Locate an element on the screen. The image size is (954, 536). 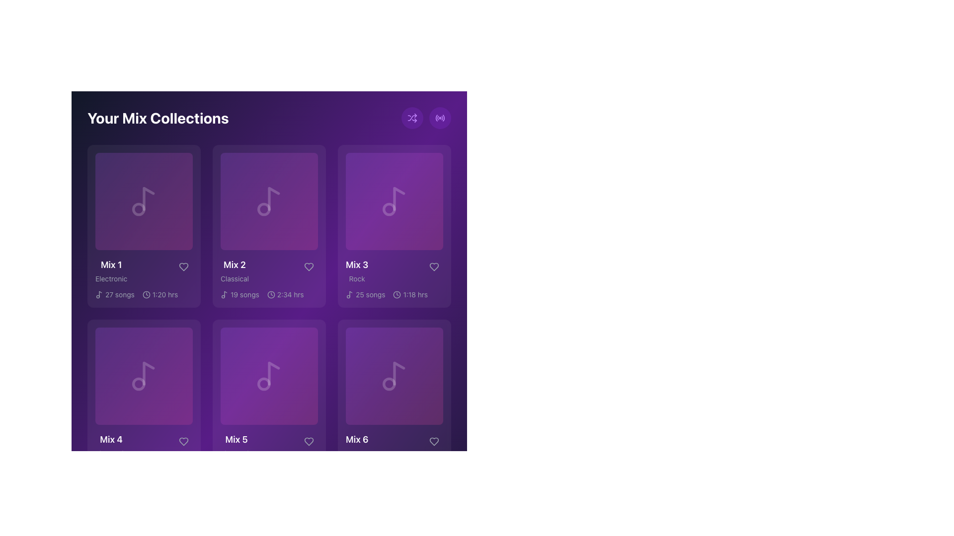
the text display showing the duration '1:18 hrs', which is styled in a lightweight font and located adjacent to a clock icon in the duration section is located at coordinates (415, 294).